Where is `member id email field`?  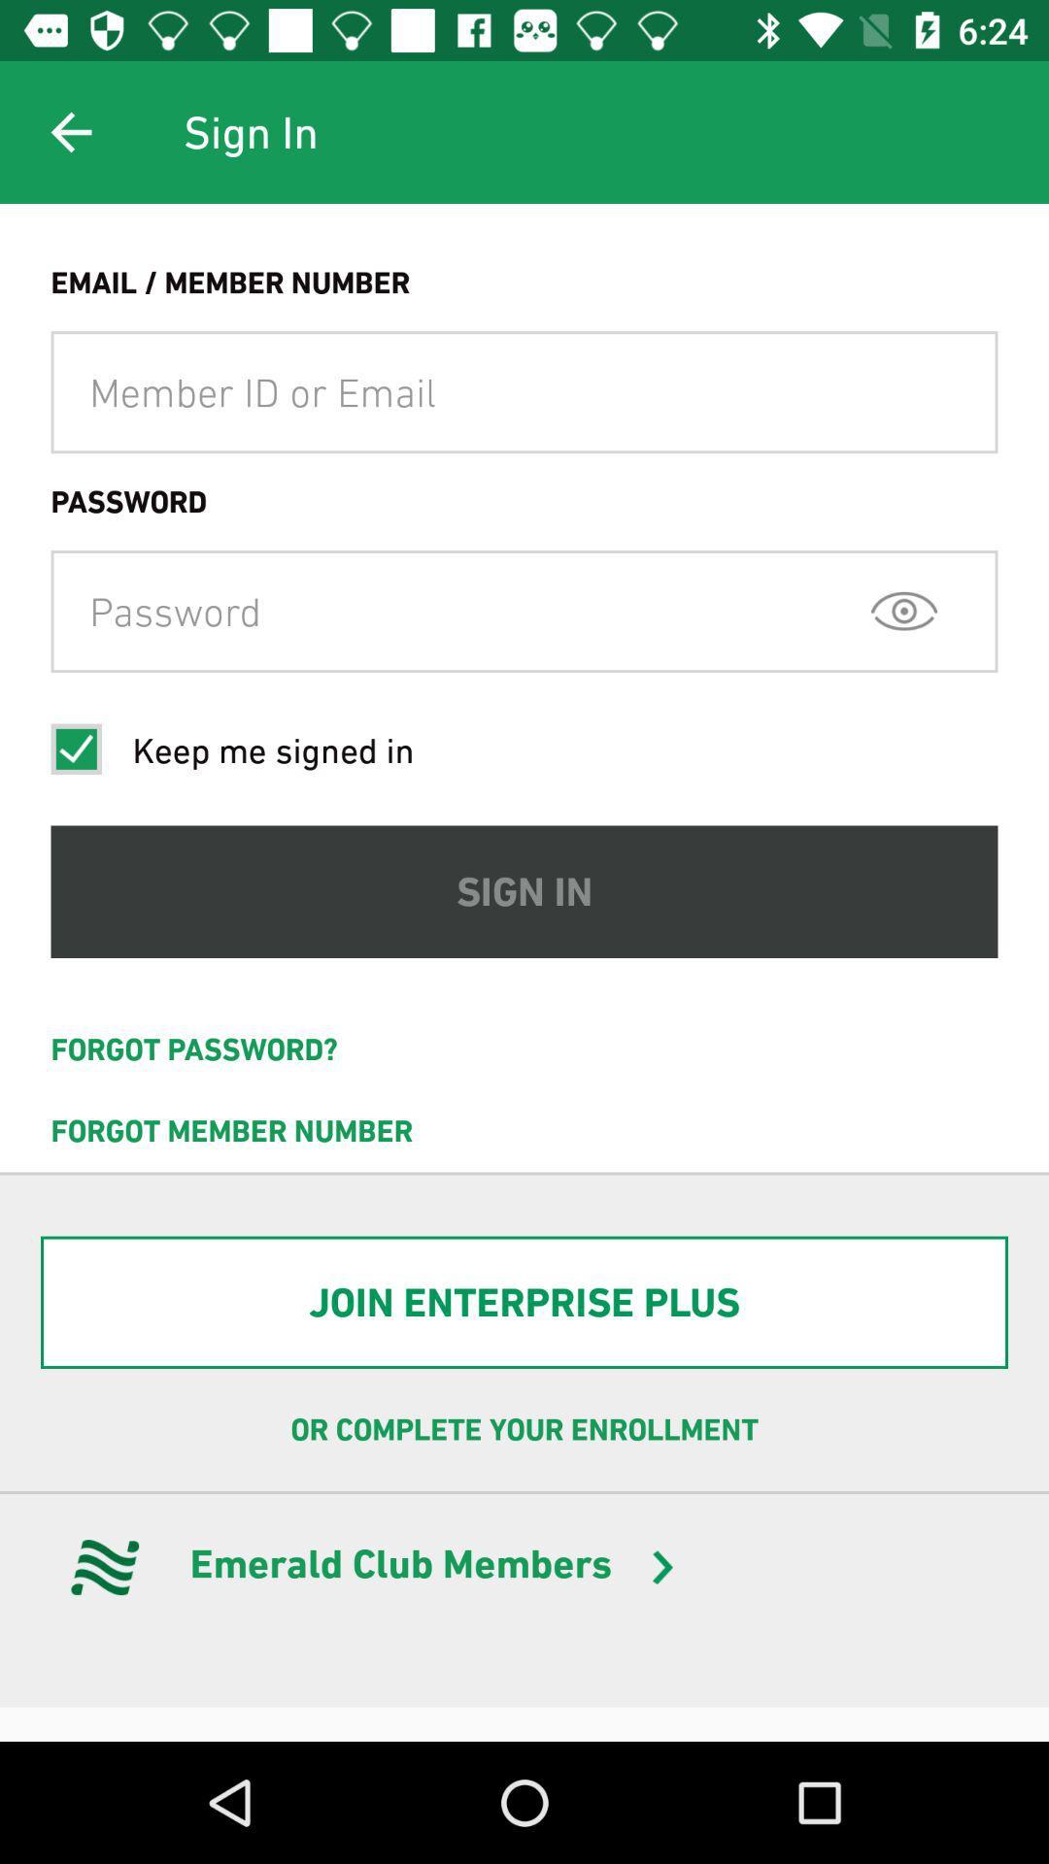 member id email field is located at coordinates (524, 391).